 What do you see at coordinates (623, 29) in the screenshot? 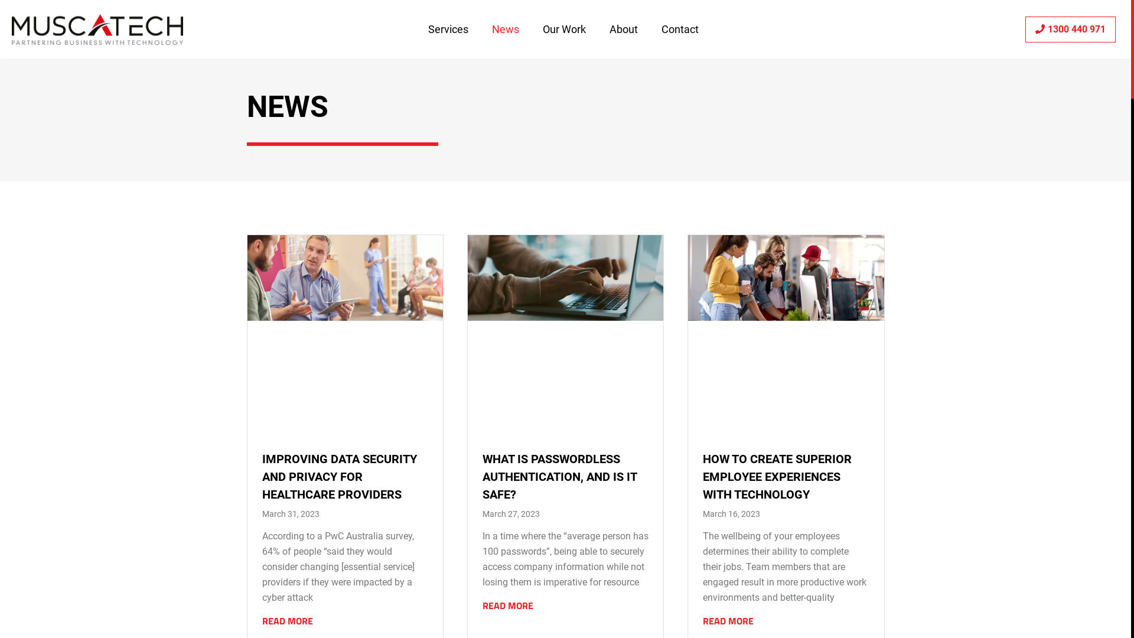
I see `'About'` at bounding box center [623, 29].